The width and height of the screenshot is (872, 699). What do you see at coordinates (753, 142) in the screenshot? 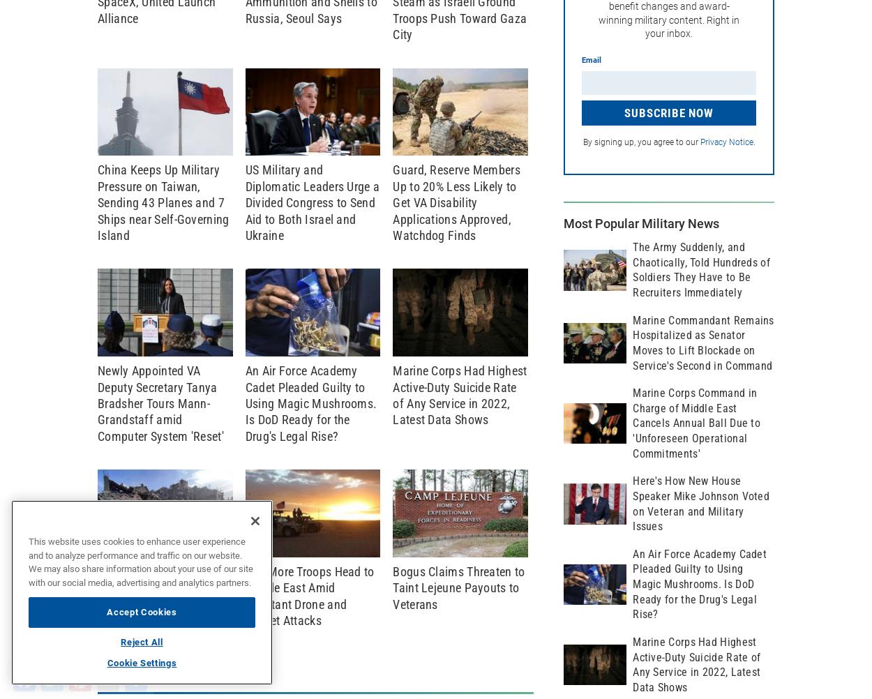
I see `'.'` at bounding box center [753, 142].